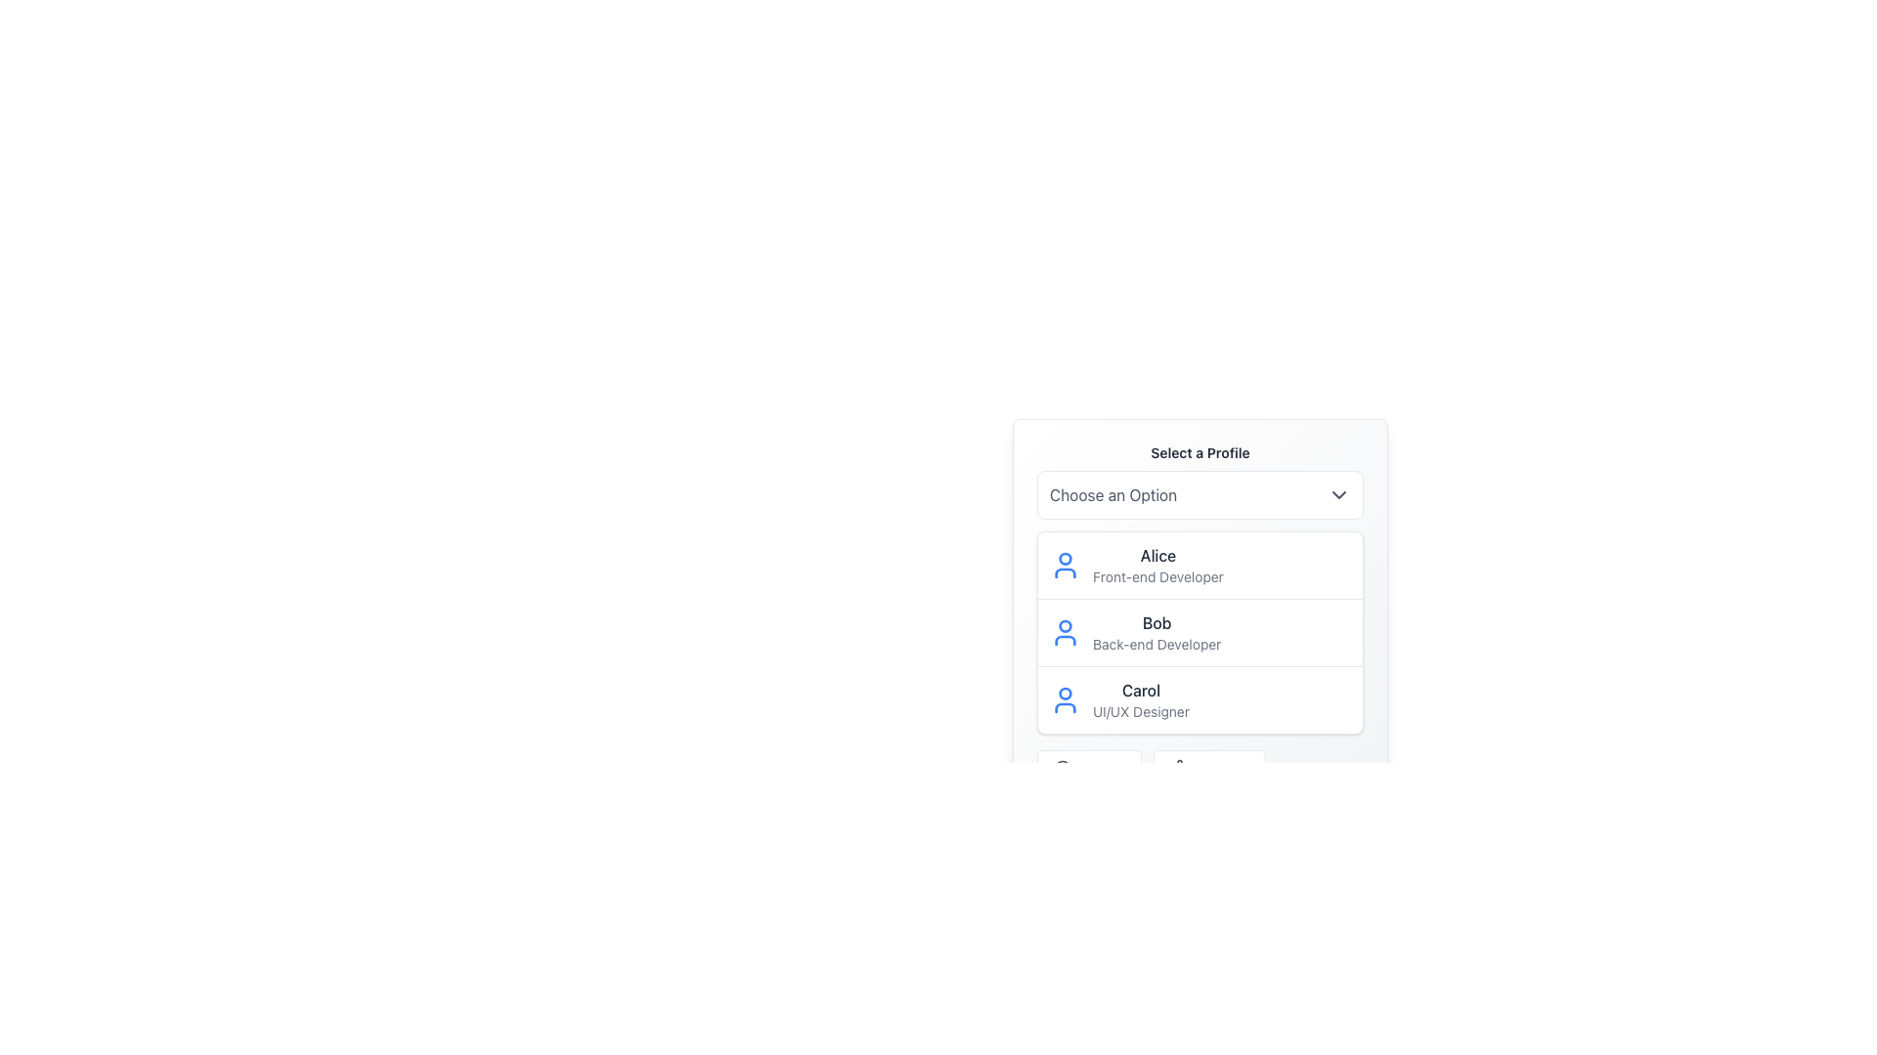  Describe the element at coordinates (1064, 633) in the screenshot. I see `the user icon representing 'Bob', the Back-end Developer, located at the start of the list item, which is styled with a blue outline and consists of a circular head and a torso shape` at that location.